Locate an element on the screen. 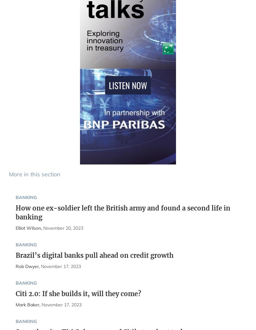 Image resolution: width=256 pixels, height=330 pixels. 'Citi 2.0: If she builds it, will they come?' is located at coordinates (78, 293).